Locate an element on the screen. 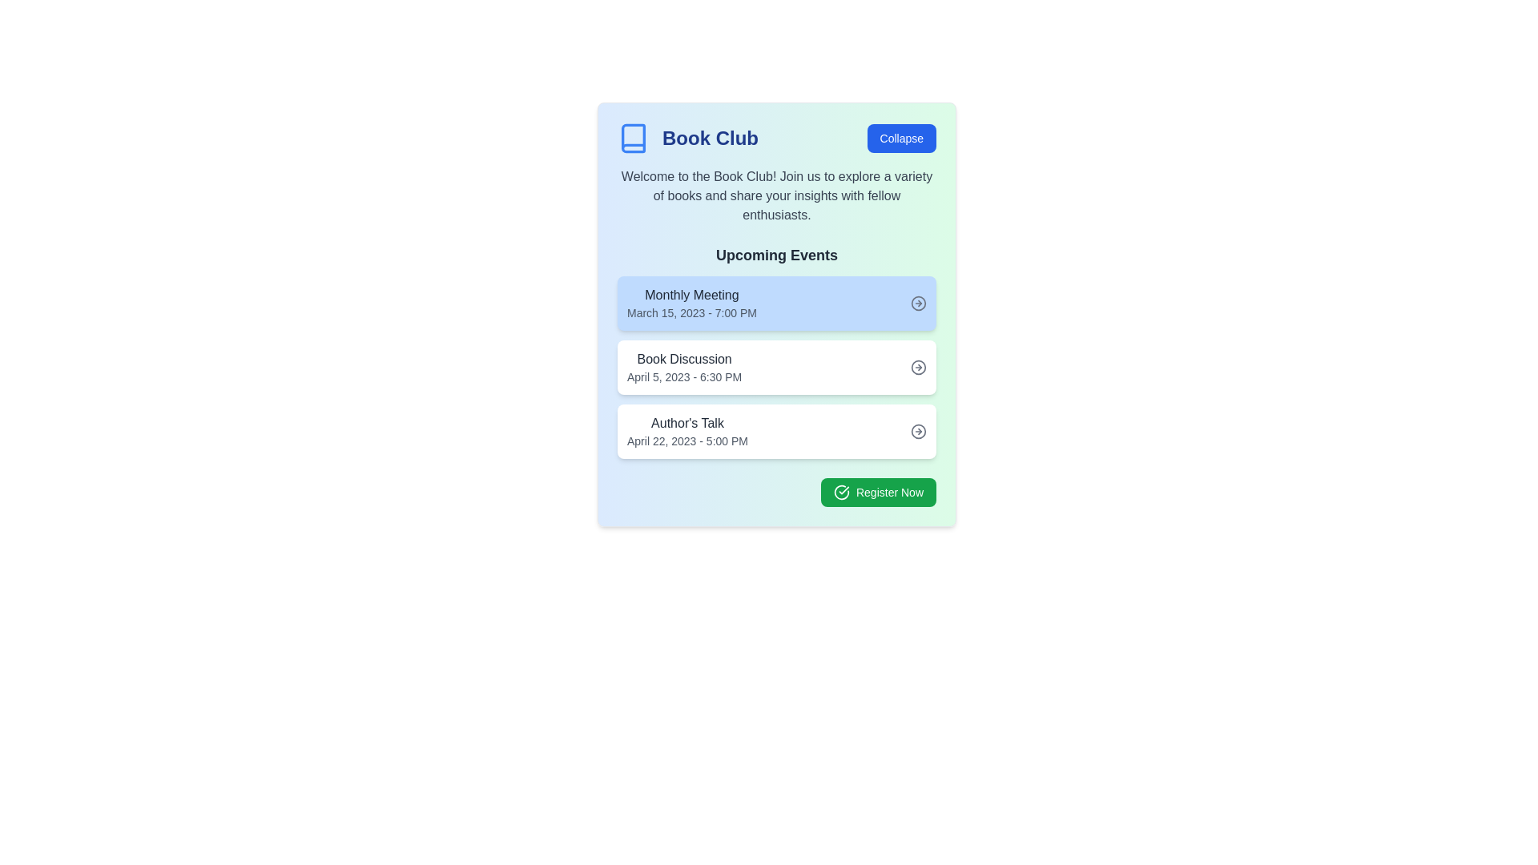 The height and width of the screenshot is (865, 1538). the text label indicating the date and time for the 'Author's Talk' event, located below the 'Author's Talk' text in the 'Upcoming Events' section of the third event card is located at coordinates (687, 441).